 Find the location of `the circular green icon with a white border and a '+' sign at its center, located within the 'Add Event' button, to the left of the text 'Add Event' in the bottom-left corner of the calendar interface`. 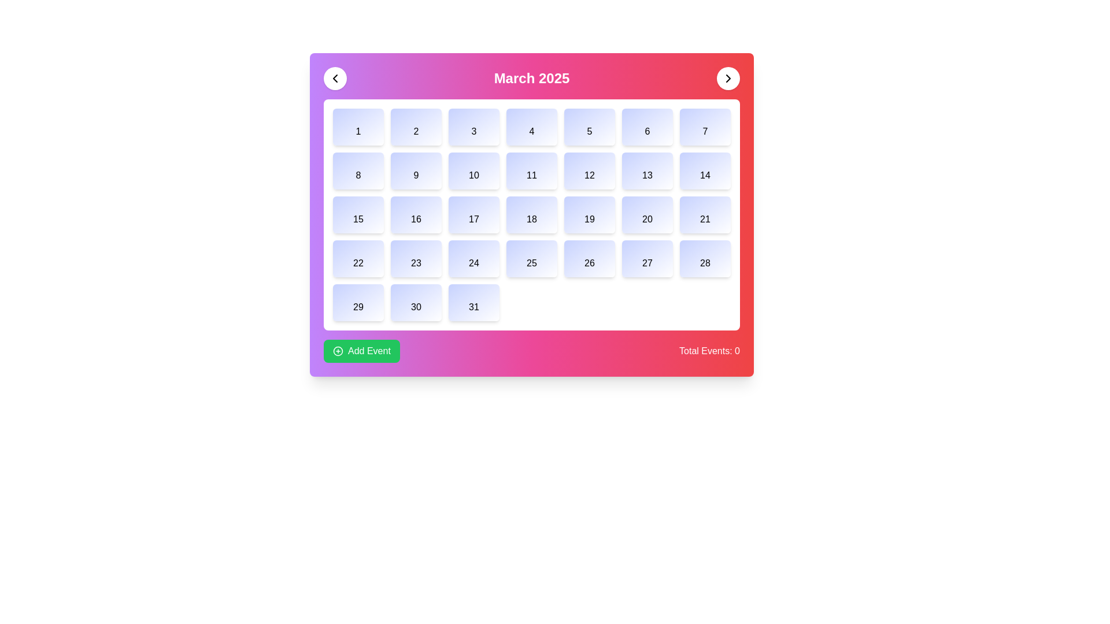

the circular green icon with a white border and a '+' sign at its center, located within the 'Add Event' button, to the left of the text 'Add Event' in the bottom-left corner of the calendar interface is located at coordinates (338, 351).